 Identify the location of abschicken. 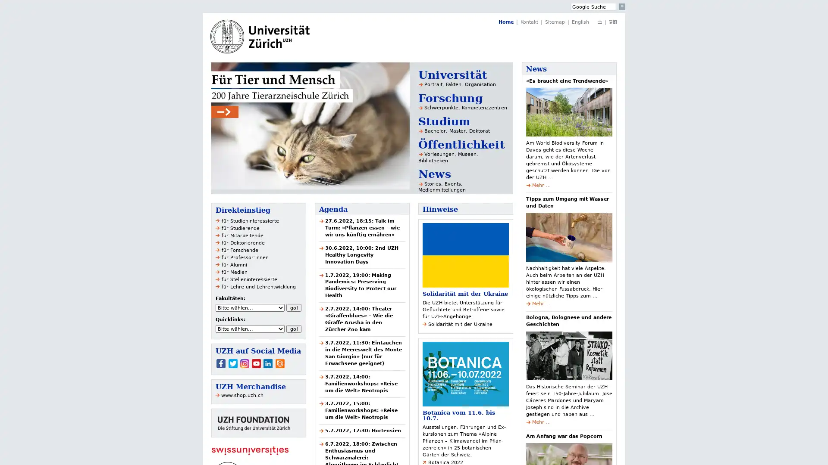
(622, 6).